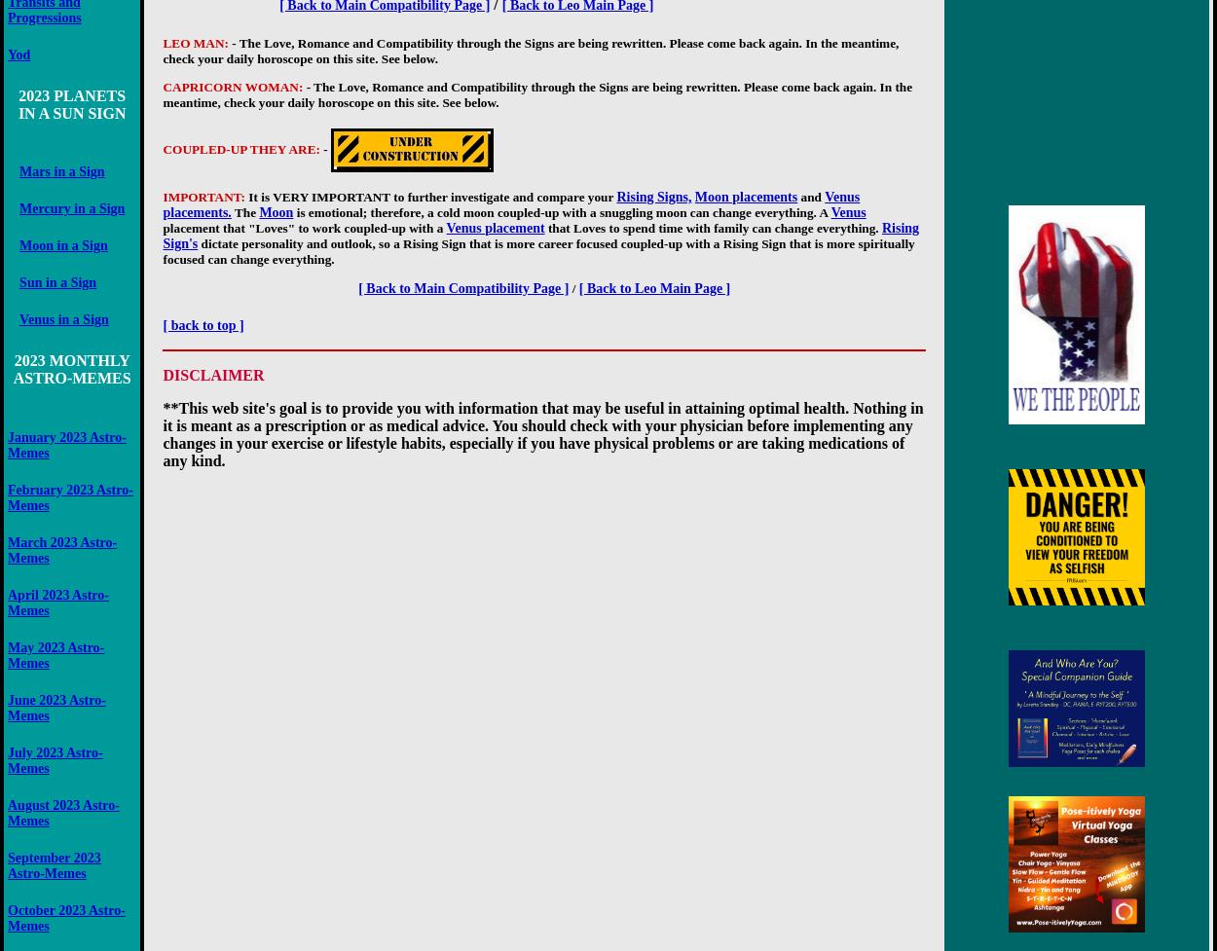 The width and height of the screenshot is (1217, 951). What do you see at coordinates (654, 286) in the screenshot?
I see `'[ Back to Leo Main Page ]'` at bounding box center [654, 286].